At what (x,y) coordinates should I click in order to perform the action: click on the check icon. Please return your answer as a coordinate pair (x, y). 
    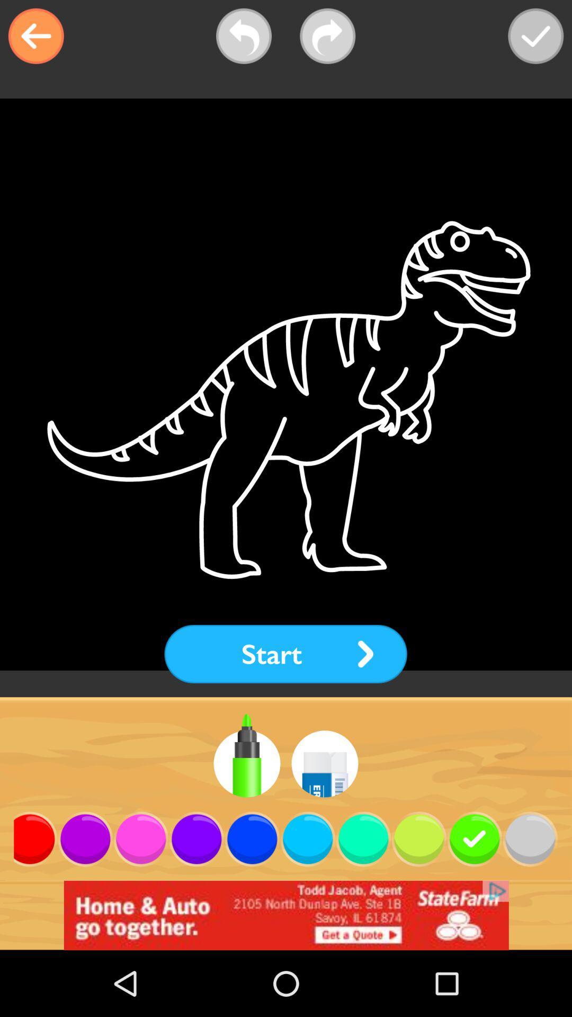
    Looking at the image, I should click on (535, 36).